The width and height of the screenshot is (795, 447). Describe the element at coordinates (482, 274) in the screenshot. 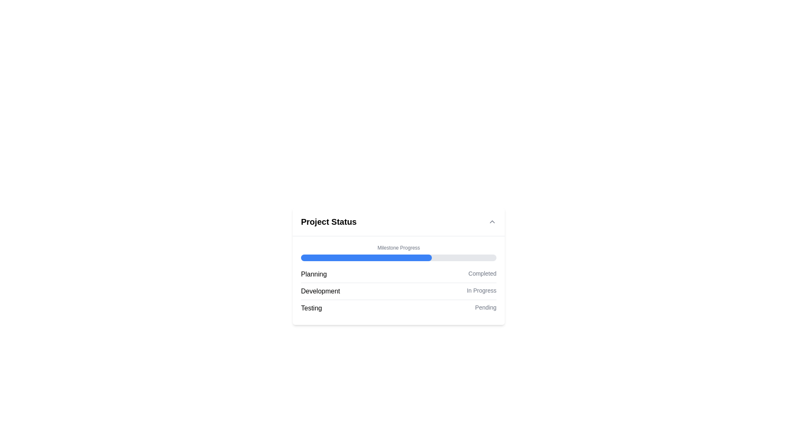

I see `the 'Completed' text label that is aligned to the right of the 'Planning' label in the horizontal layout` at that location.